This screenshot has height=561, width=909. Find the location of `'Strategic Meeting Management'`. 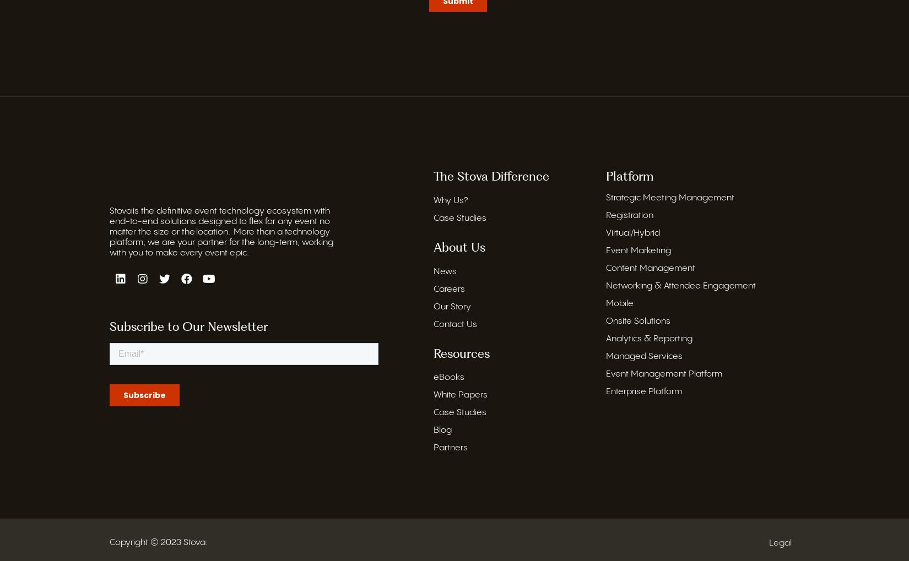

'Strategic Meeting Management' is located at coordinates (670, 198).